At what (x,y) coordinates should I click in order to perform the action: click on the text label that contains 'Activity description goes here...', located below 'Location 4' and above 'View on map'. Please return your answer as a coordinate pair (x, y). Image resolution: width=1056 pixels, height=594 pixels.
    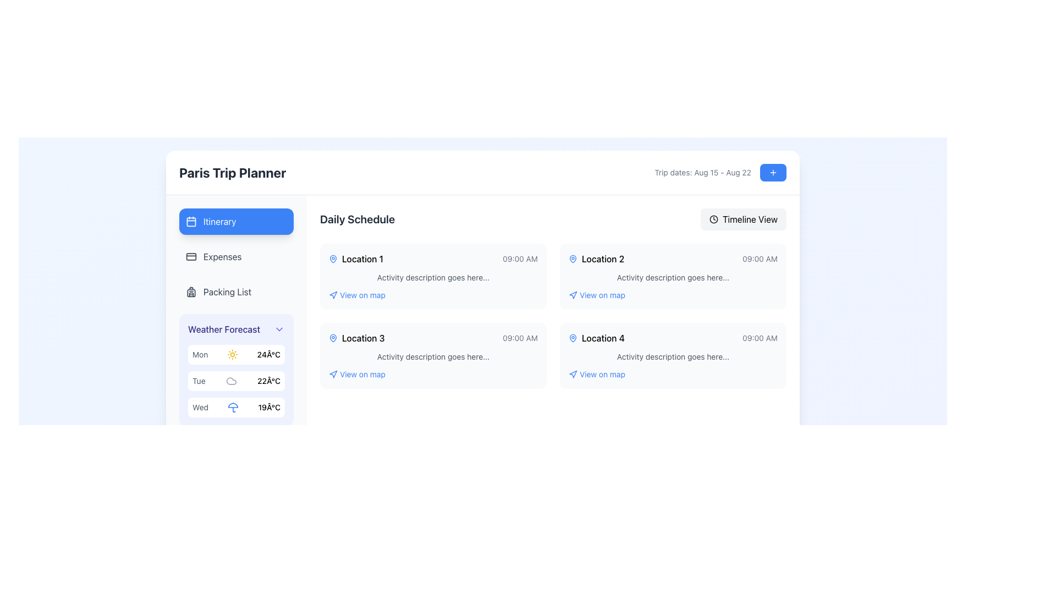
    Looking at the image, I should click on (673, 356).